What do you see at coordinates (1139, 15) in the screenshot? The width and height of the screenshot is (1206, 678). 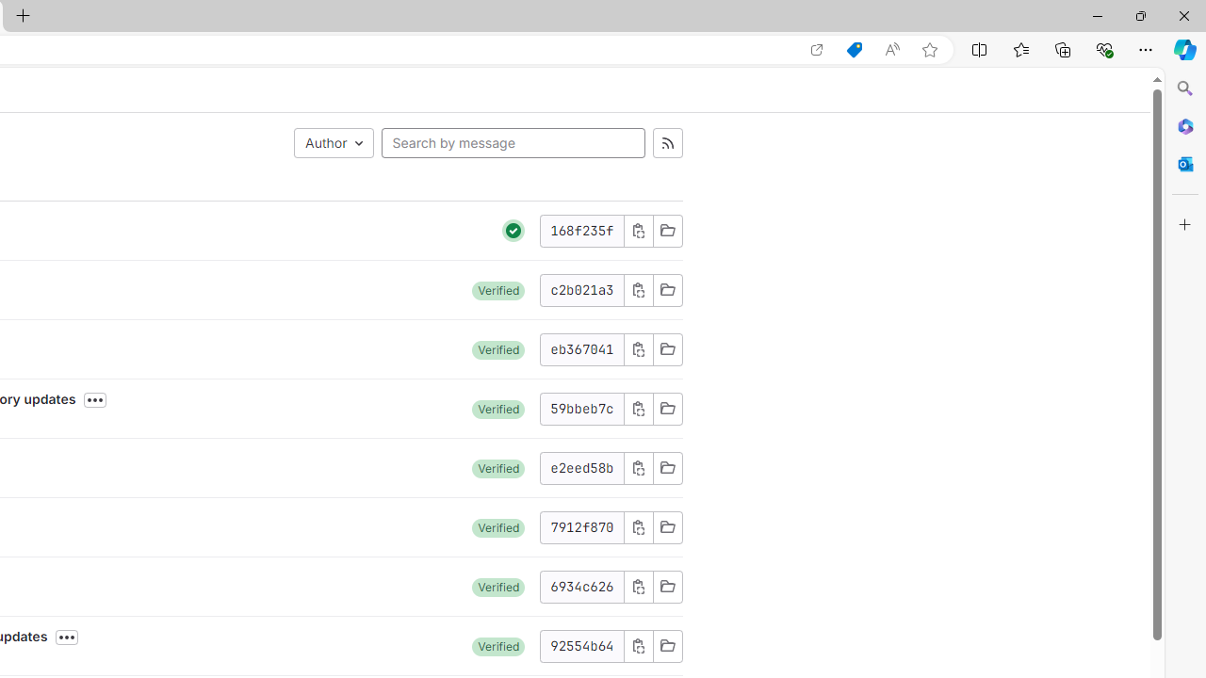 I see `'Restore'` at bounding box center [1139, 15].